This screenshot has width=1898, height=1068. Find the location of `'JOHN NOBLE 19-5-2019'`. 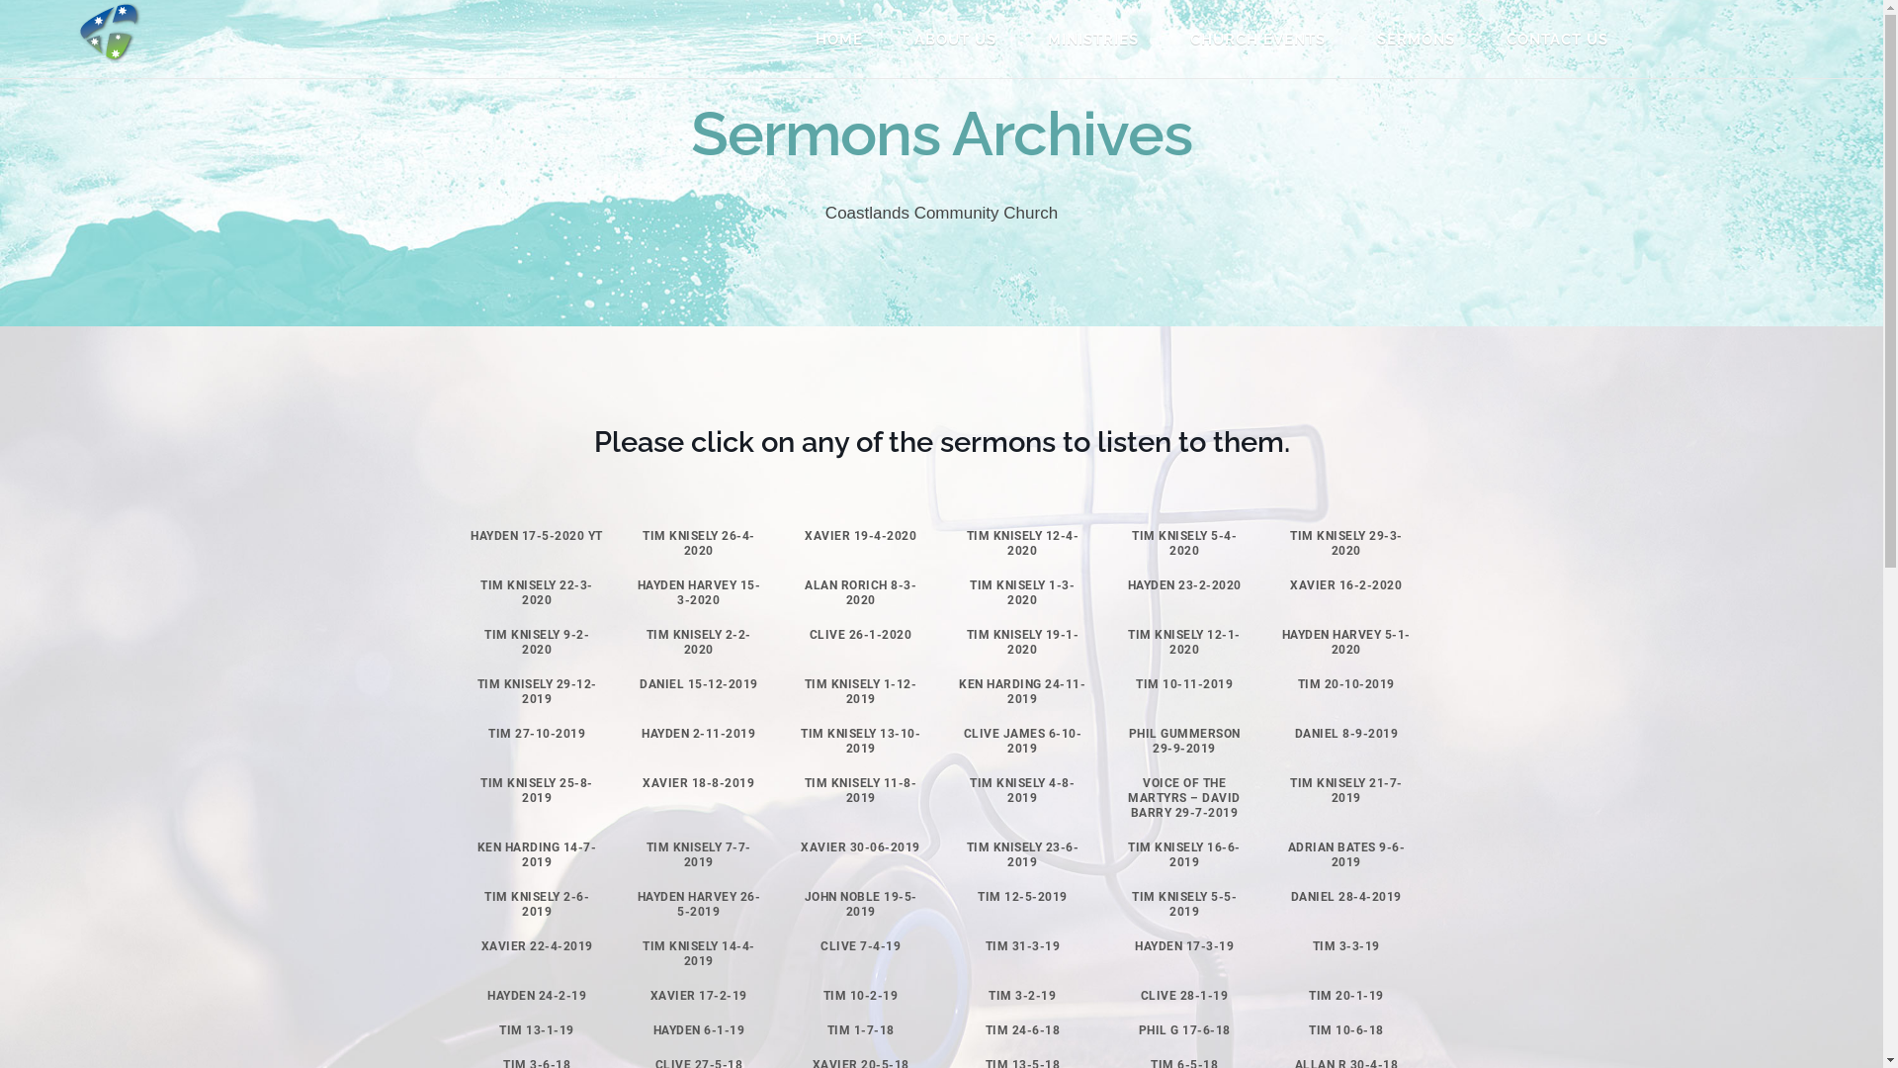

'JOHN NOBLE 19-5-2019' is located at coordinates (860, 904).